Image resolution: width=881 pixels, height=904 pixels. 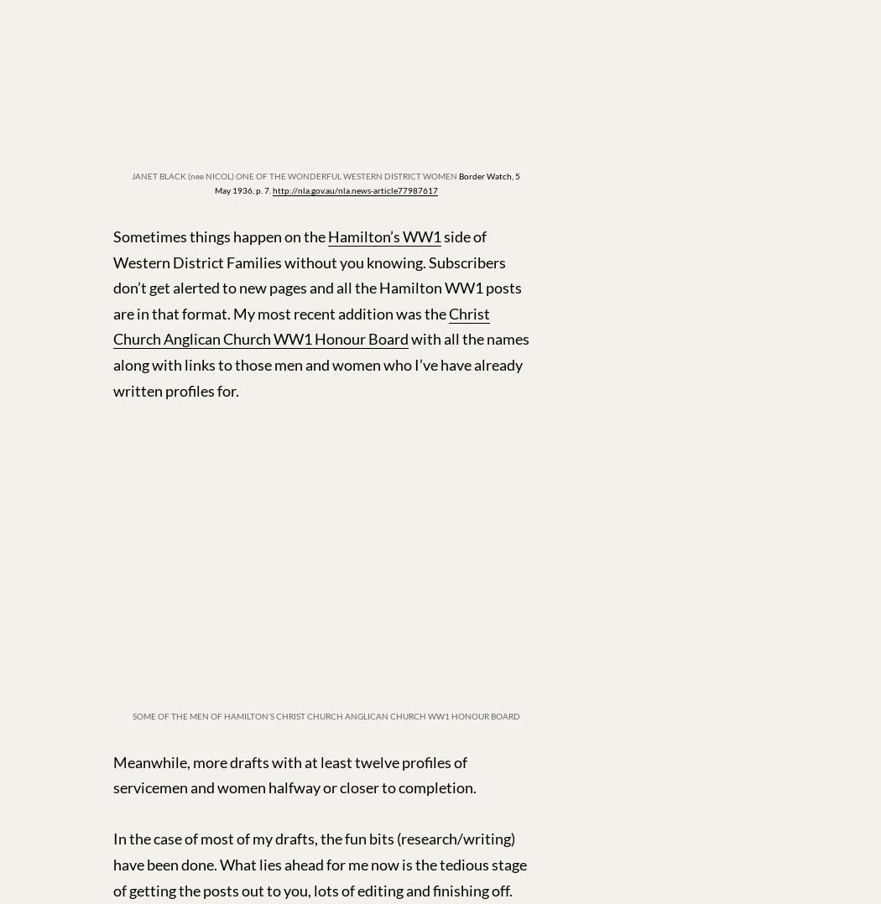 What do you see at coordinates (220, 236) in the screenshot?
I see `'Sometimes things happen on the'` at bounding box center [220, 236].